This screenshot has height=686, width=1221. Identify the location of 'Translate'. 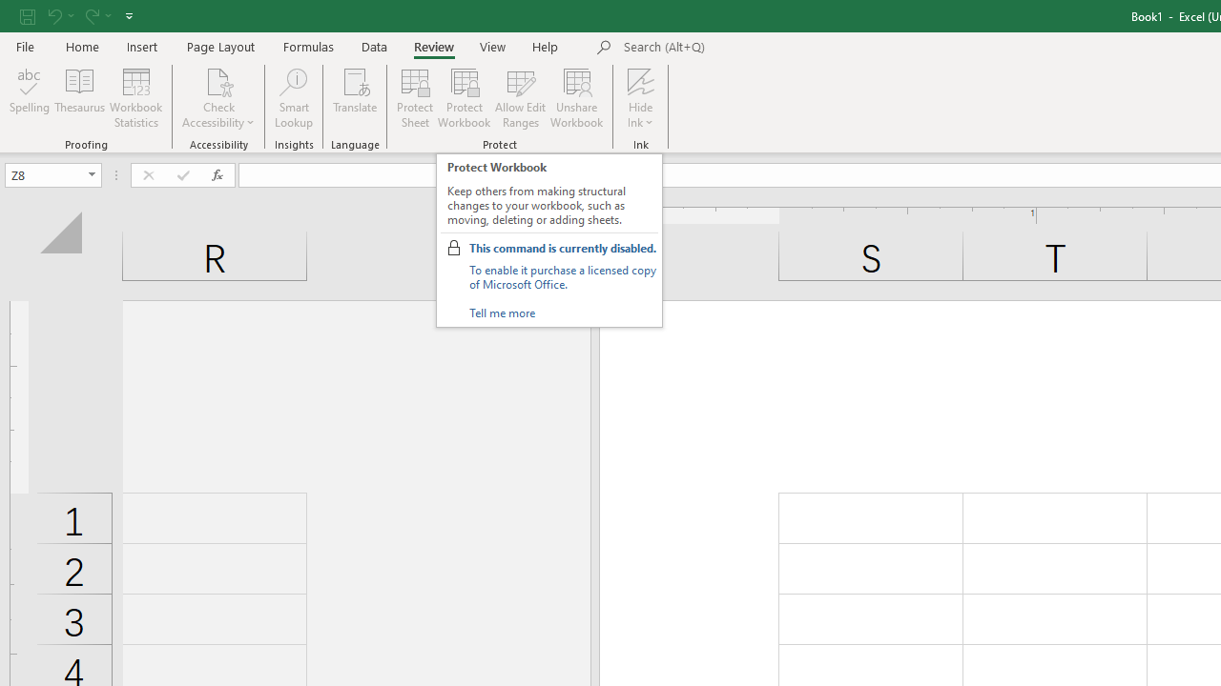
(355, 98).